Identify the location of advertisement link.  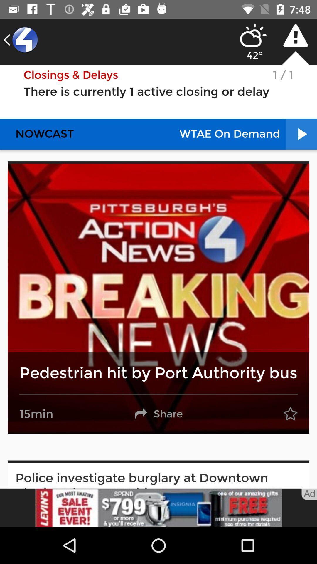
(158, 507).